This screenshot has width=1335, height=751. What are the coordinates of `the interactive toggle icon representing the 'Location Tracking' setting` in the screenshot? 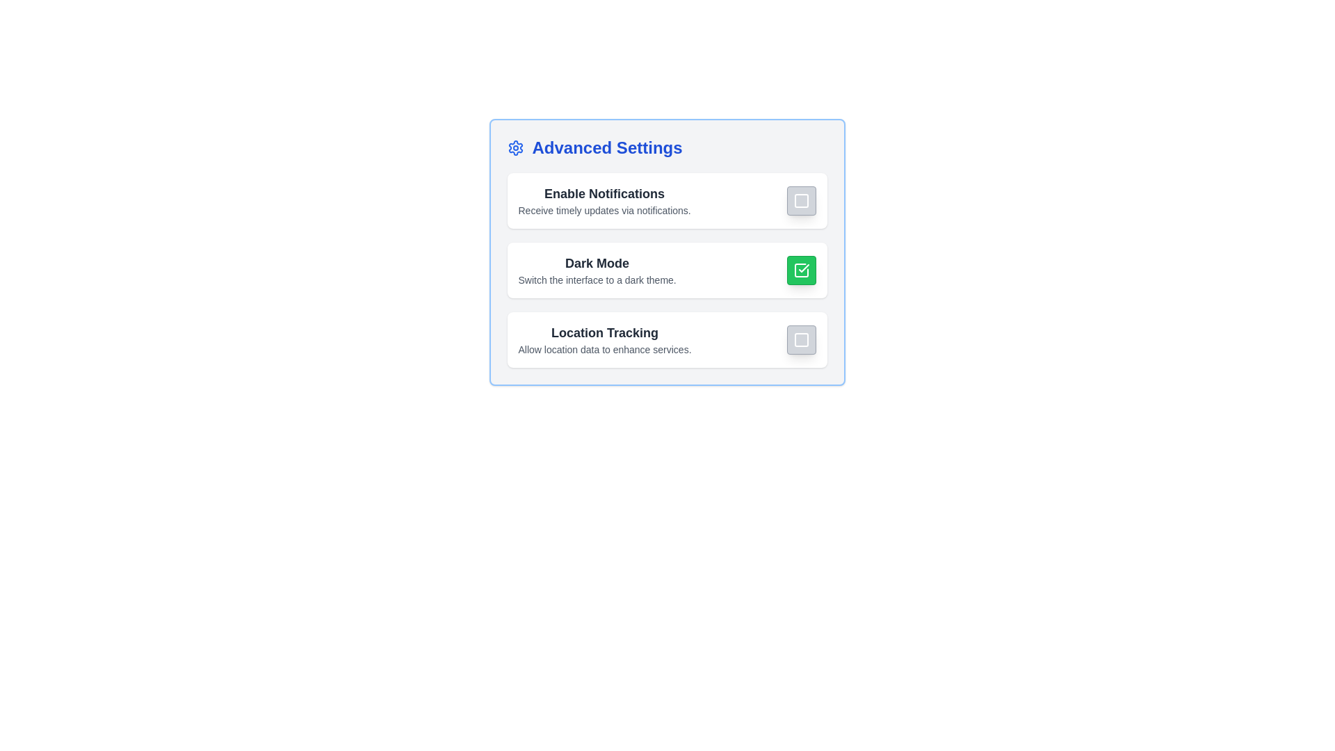 It's located at (801, 340).